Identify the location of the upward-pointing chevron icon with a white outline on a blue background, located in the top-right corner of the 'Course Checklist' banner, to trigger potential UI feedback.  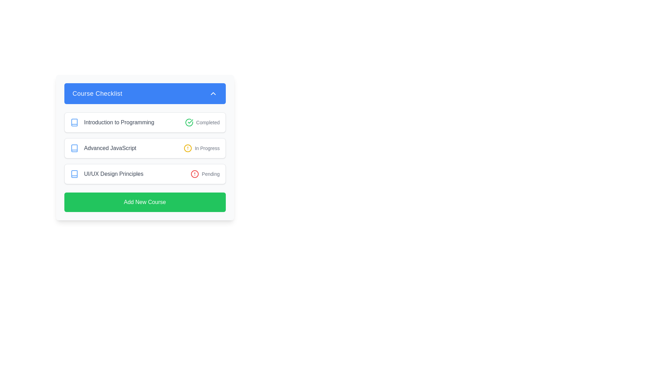
(213, 93).